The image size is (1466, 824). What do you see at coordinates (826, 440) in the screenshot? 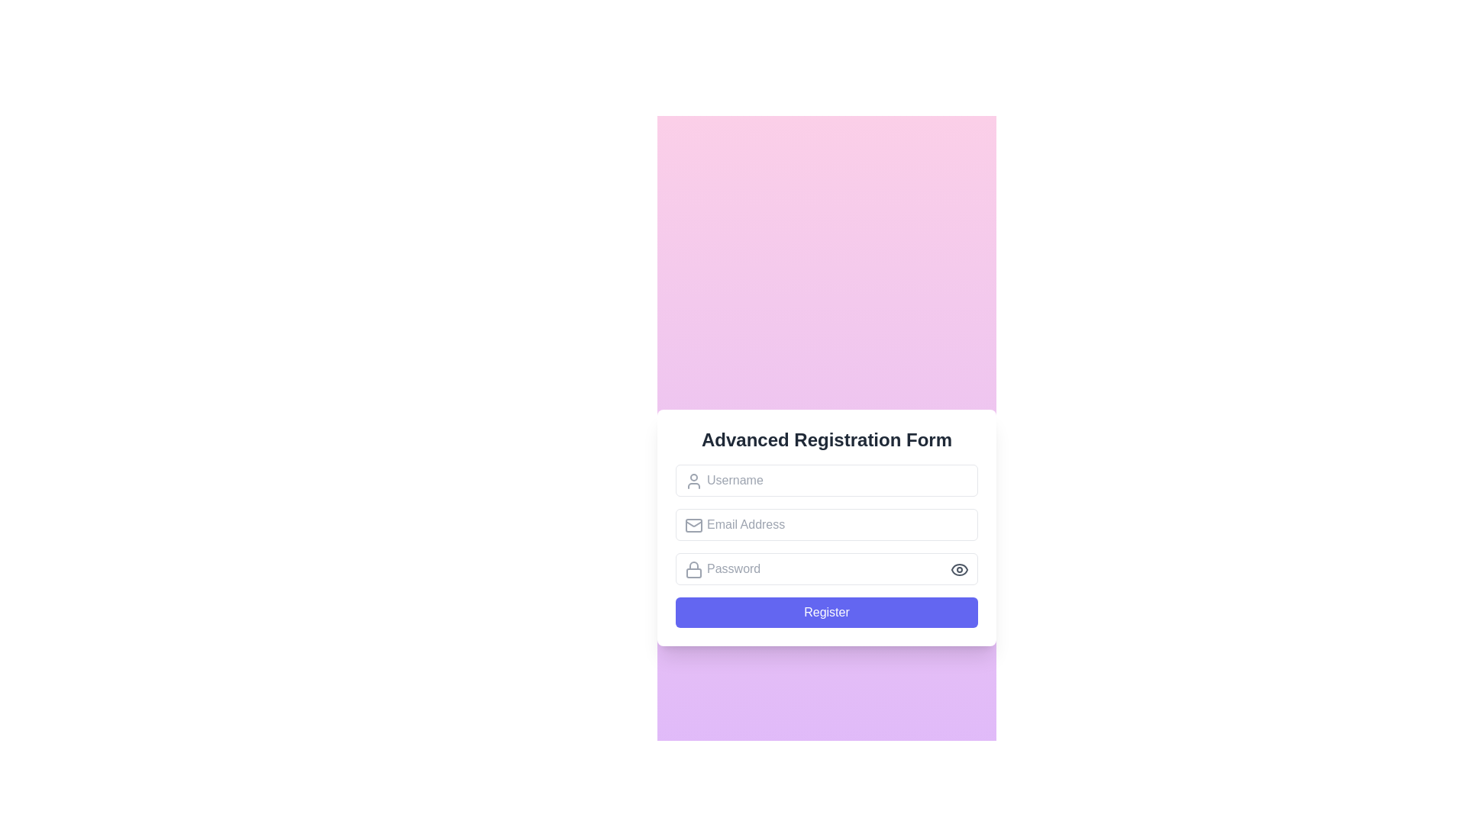
I see `the static text header that indicates 'Advanced Registration Form' at the top of the white card-like box` at bounding box center [826, 440].